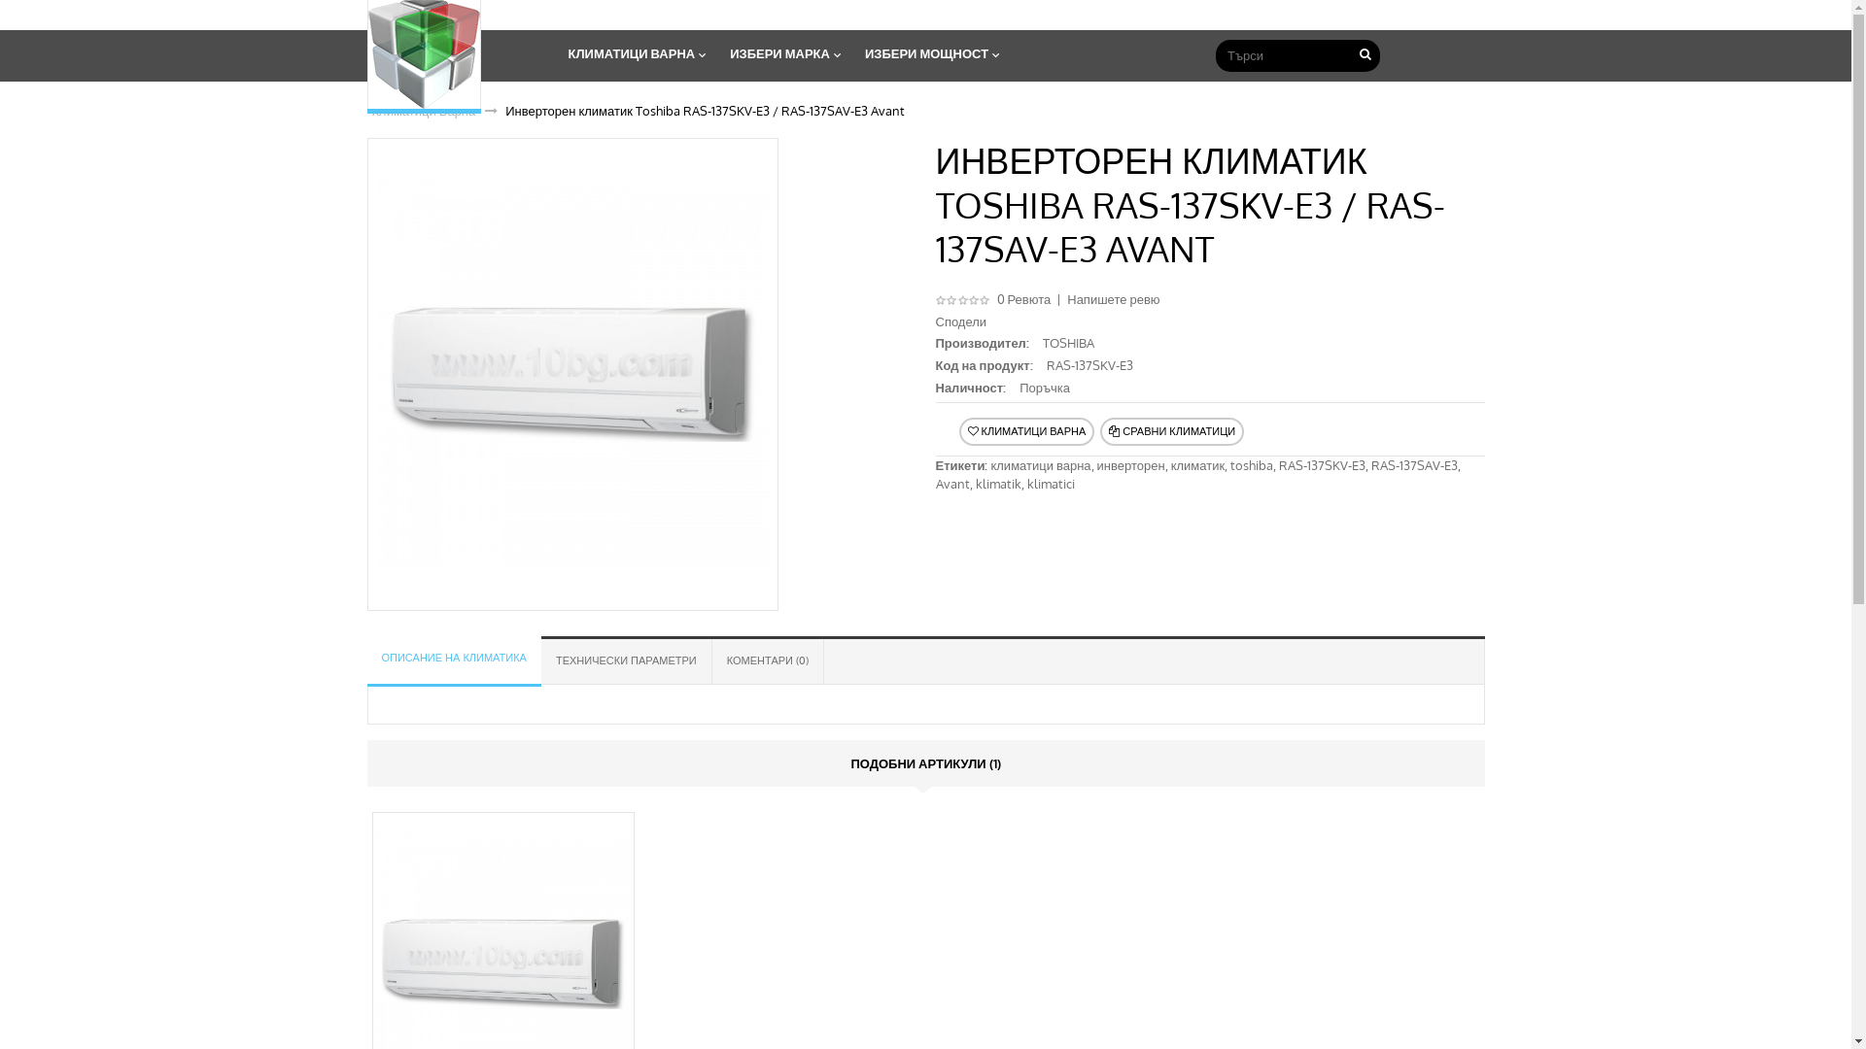  Describe the element at coordinates (1370, 464) in the screenshot. I see `'RAS-137SAV-E3'` at that location.